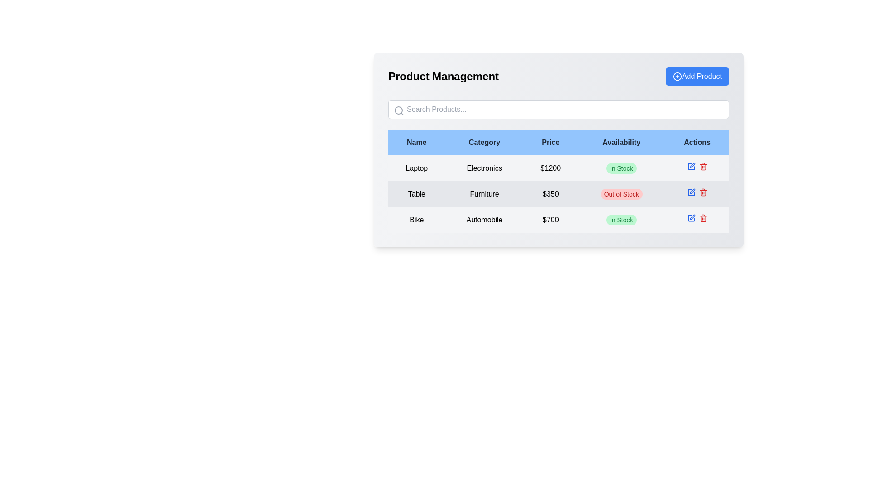 Image resolution: width=869 pixels, height=489 pixels. Describe the element at coordinates (621, 193) in the screenshot. I see `status indicator label marking the product as unavailable for purchase, located in the second row of the 'Availability' column of the table` at that location.